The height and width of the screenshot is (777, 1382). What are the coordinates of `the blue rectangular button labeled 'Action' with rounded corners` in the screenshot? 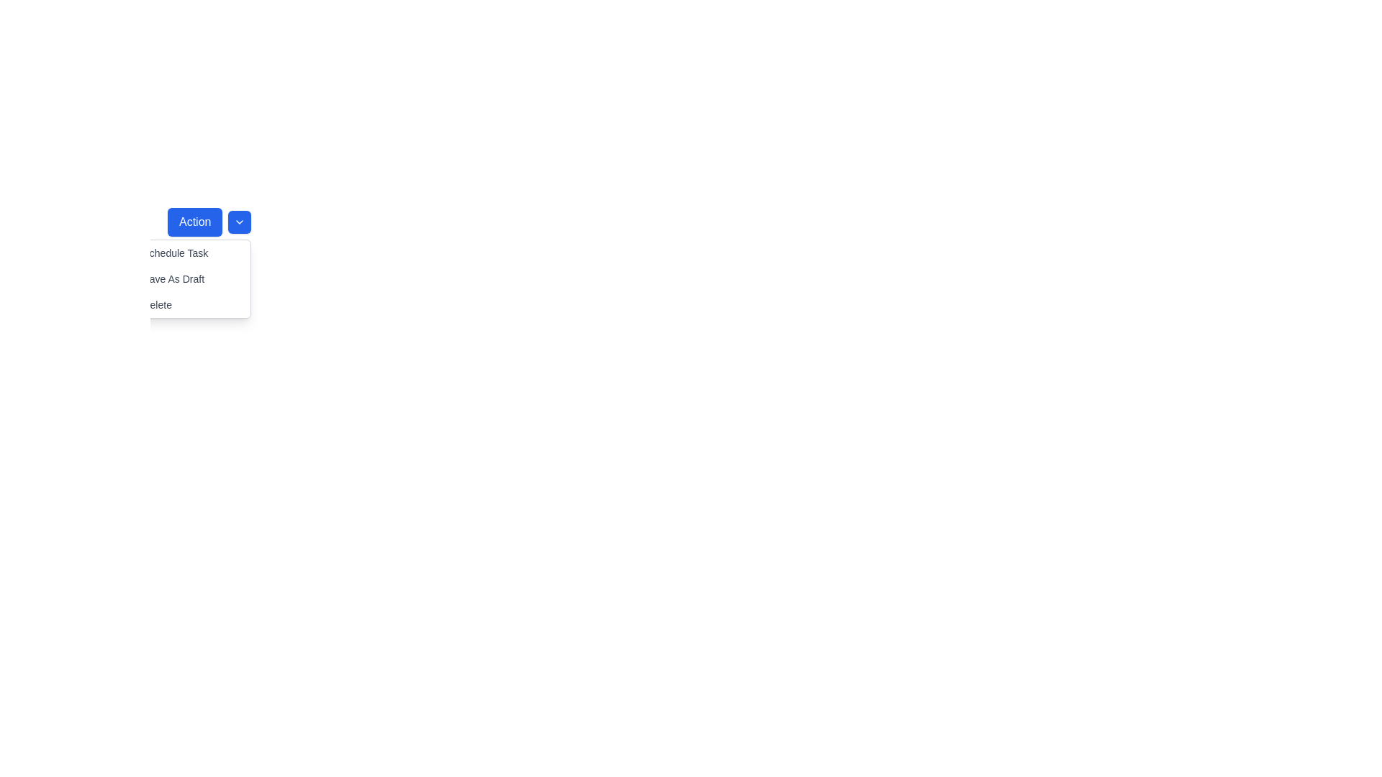 It's located at (194, 222).